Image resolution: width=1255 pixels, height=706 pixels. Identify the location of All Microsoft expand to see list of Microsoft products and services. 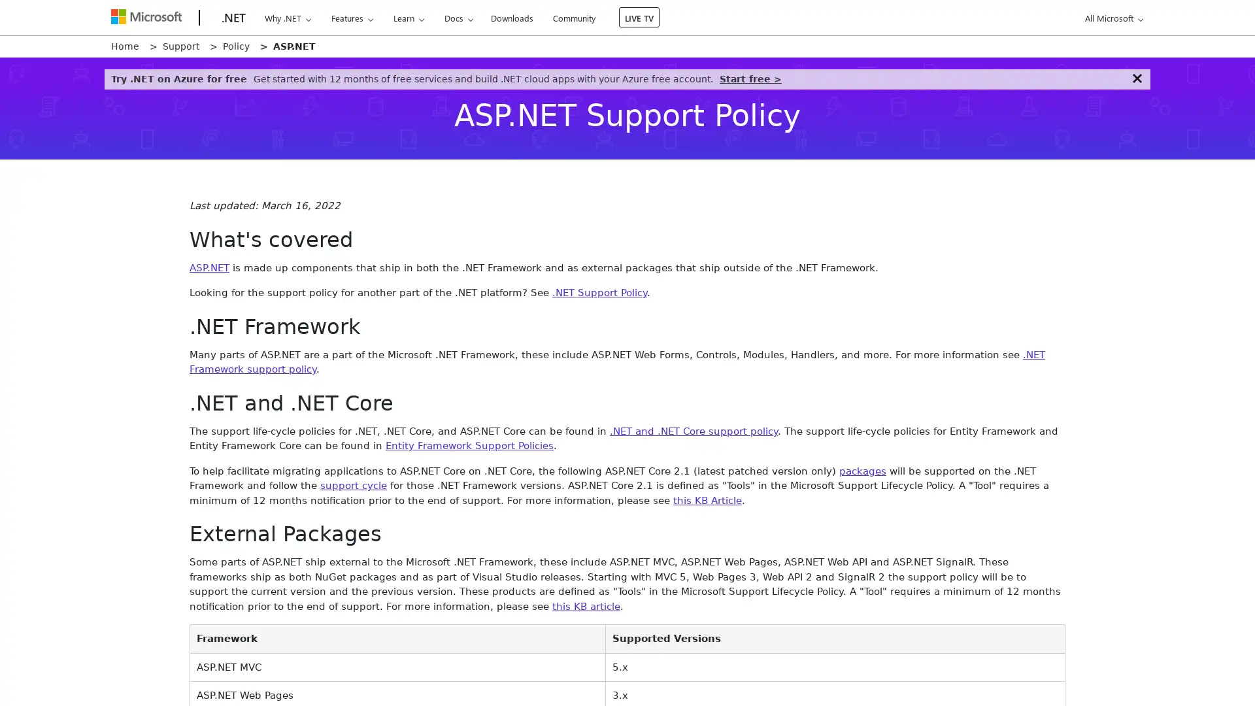
(1111, 18).